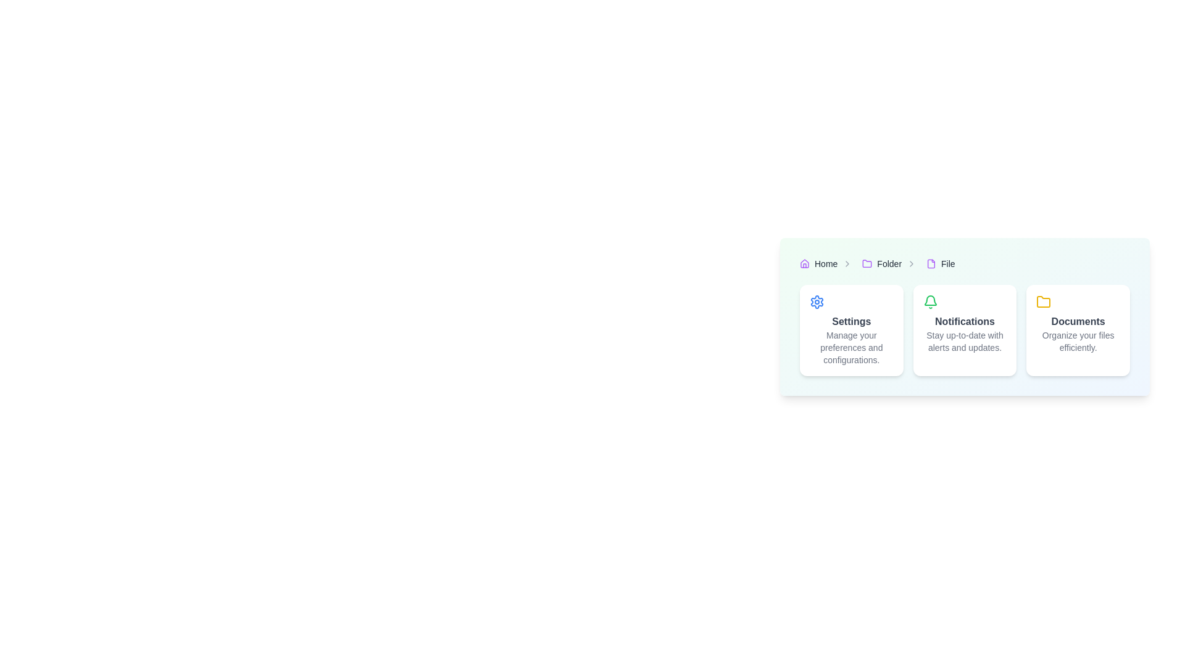 The width and height of the screenshot is (1185, 666). What do you see at coordinates (892, 263) in the screenshot?
I see `the second breadcrumb navigation item in the breadcrumb bar to reveal additional context or actions` at bounding box center [892, 263].